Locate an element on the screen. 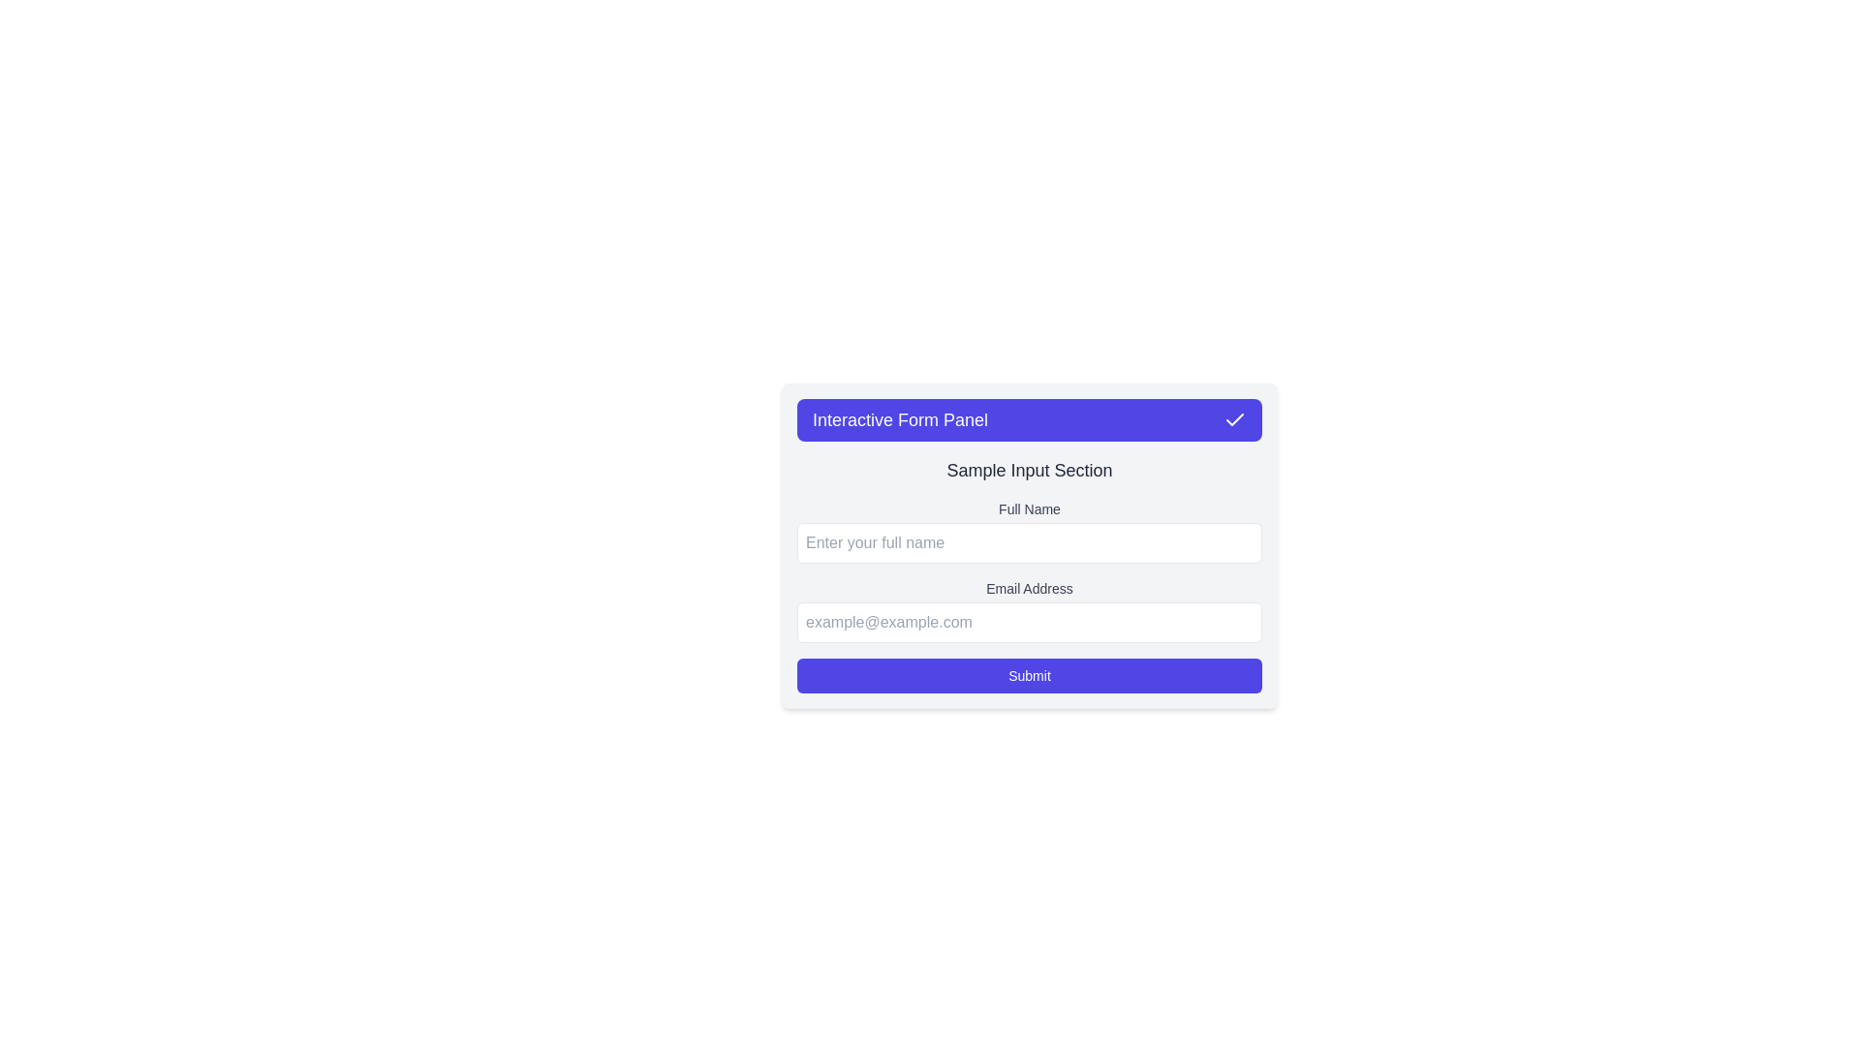 This screenshot has height=1046, width=1860. text from the title Text Label located on the left-hand side of the purple horizontal bar in the upper portion of the form interface is located at coordinates (899, 419).